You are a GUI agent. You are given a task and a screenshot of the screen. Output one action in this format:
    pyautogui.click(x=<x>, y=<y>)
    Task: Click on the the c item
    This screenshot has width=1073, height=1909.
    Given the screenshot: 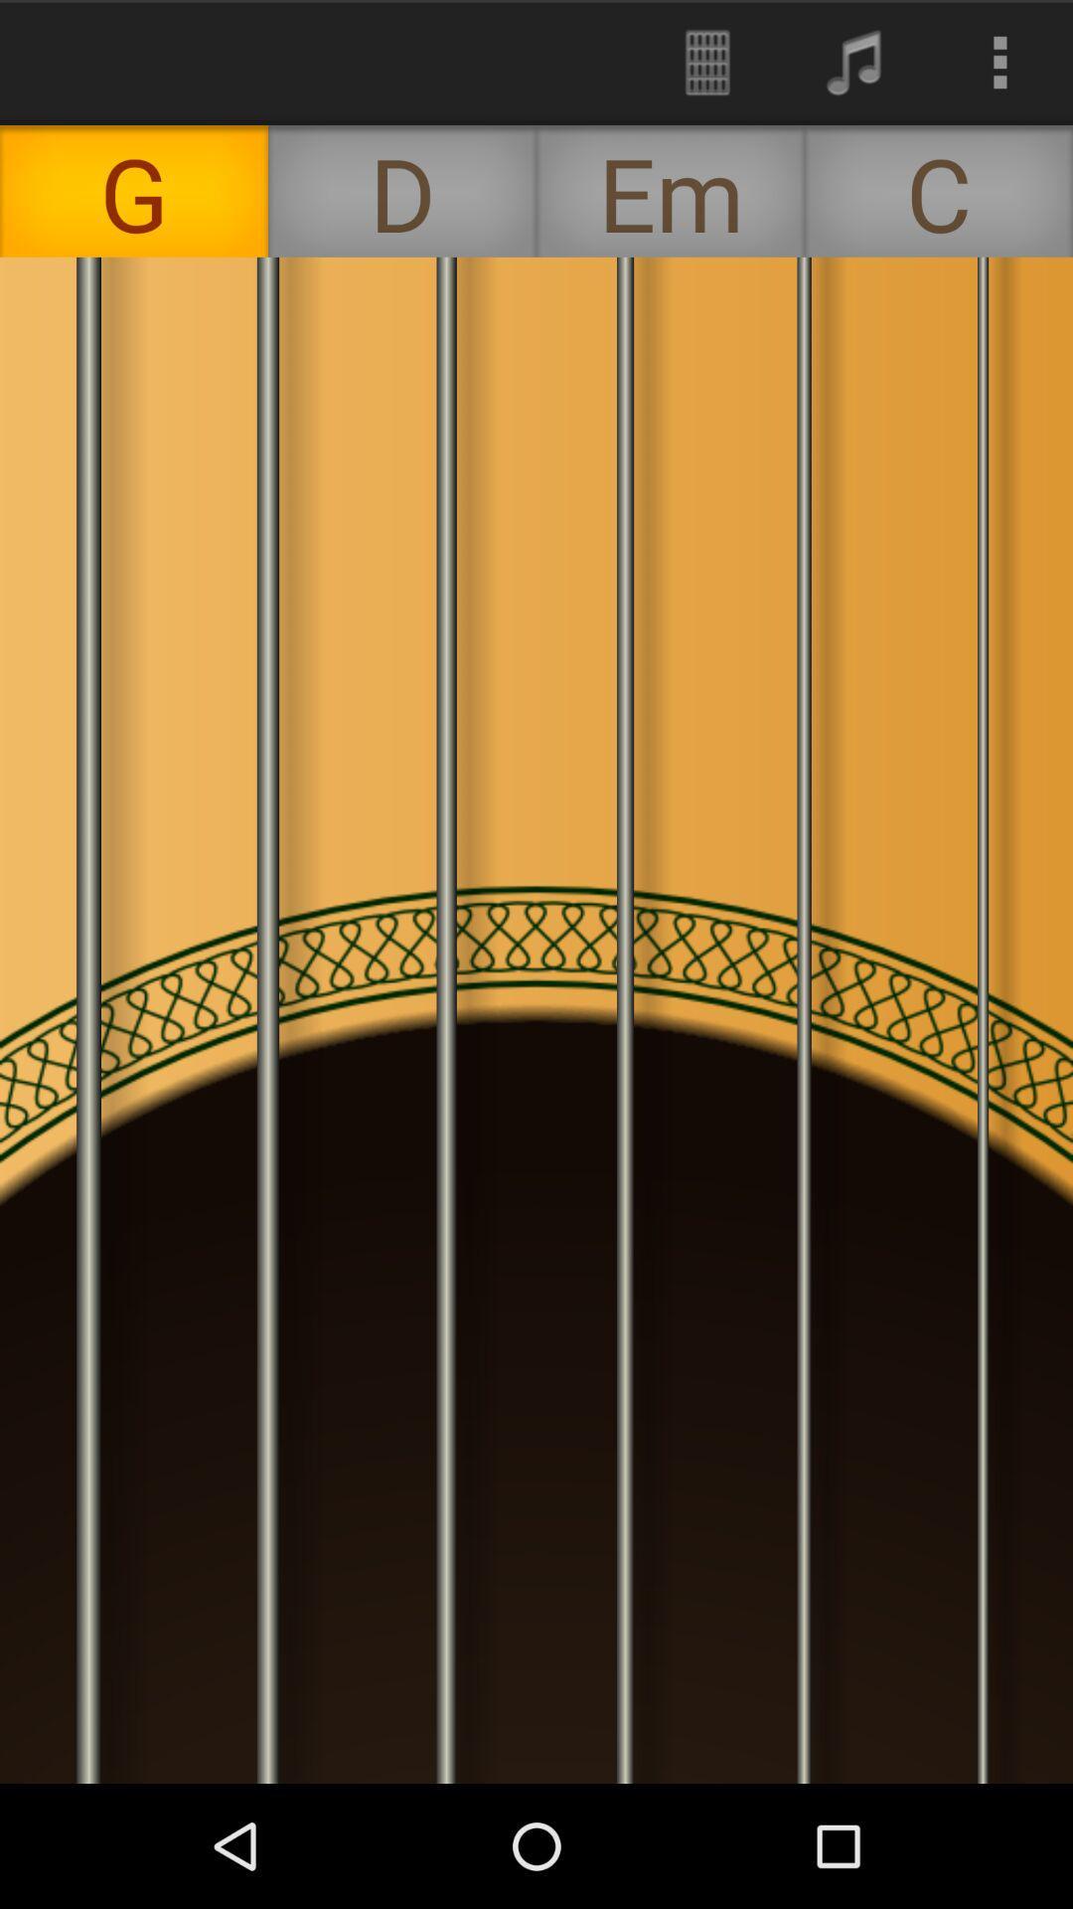 What is the action you would take?
    pyautogui.click(x=939, y=191)
    